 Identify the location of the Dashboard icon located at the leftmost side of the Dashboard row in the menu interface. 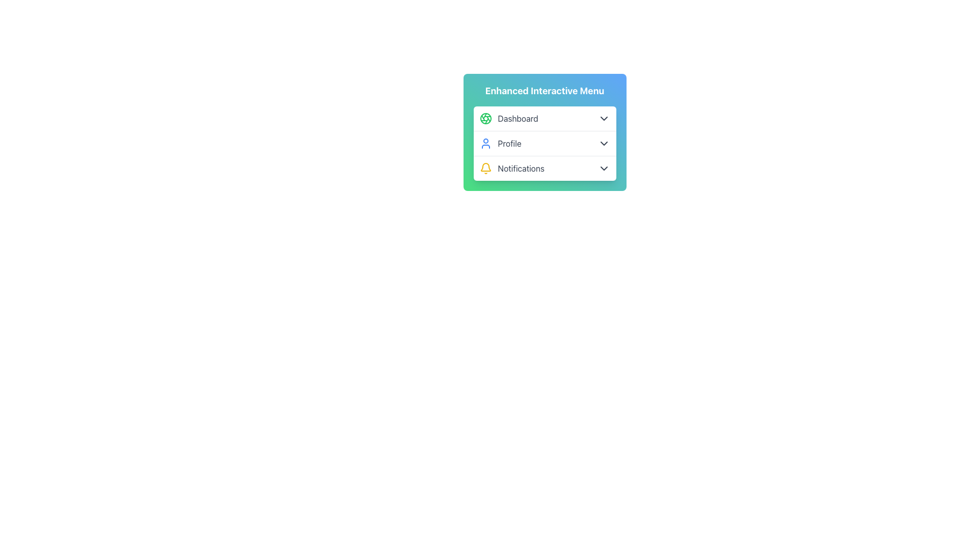
(485, 118).